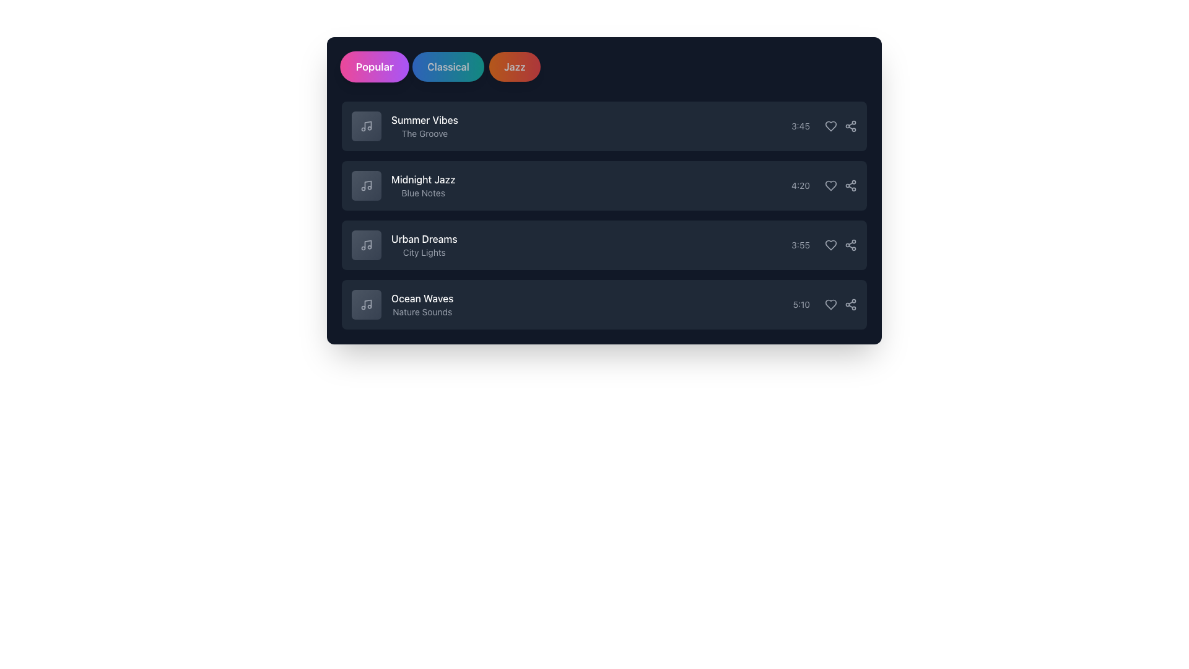  What do you see at coordinates (422, 299) in the screenshot?
I see `the static textual label displaying 'Ocean Waves', which is located in the fourth entry of the list and positioned above the subtitle 'Nature Sounds'` at bounding box center [422, 299].